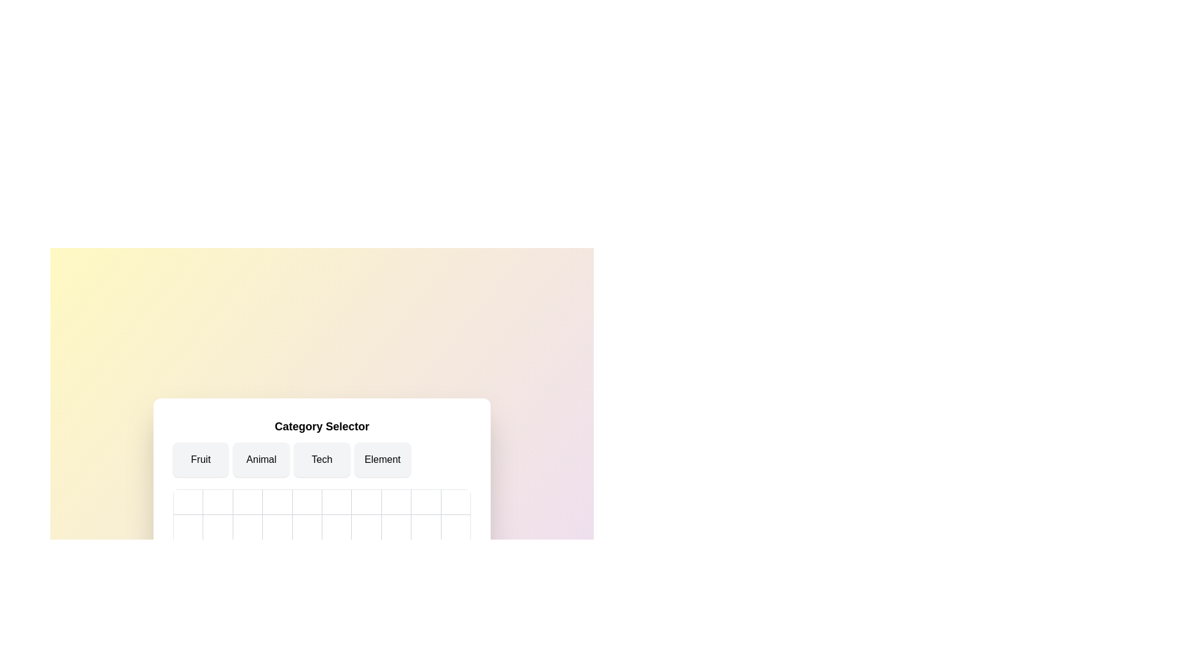  I want to click on the background area to dismiss focus, so click(61, 61).